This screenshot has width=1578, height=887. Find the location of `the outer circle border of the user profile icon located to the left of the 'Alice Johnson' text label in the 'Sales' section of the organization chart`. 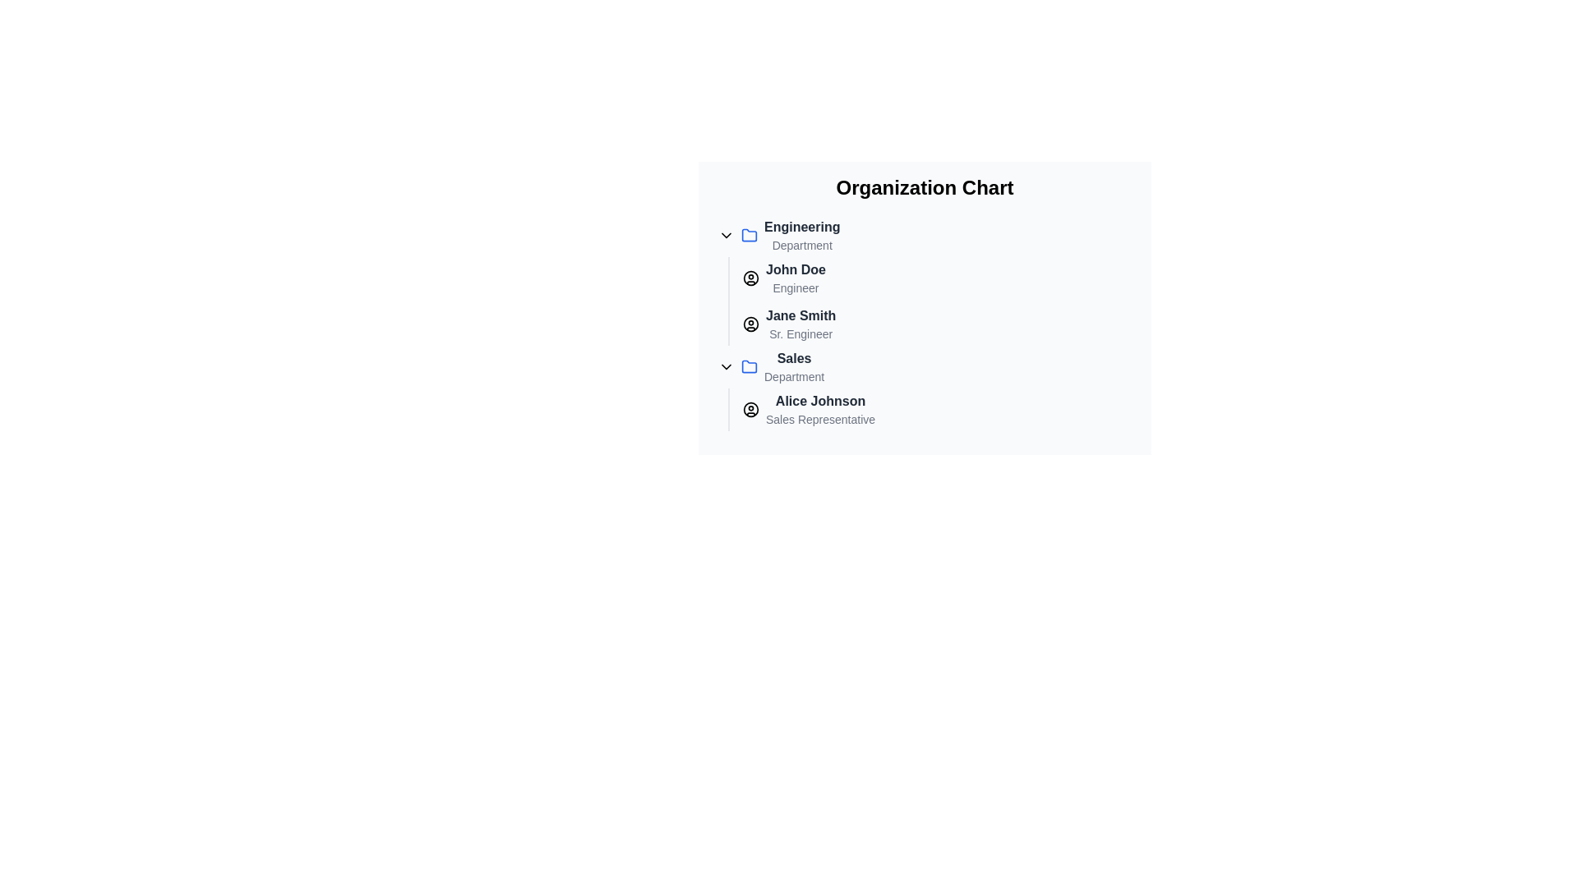

the outer circle border of the user profile icon located to the left of the 'Alice Johnson' text label in the 'Sales' section of the organization chart is located at coordinates (750, 408).